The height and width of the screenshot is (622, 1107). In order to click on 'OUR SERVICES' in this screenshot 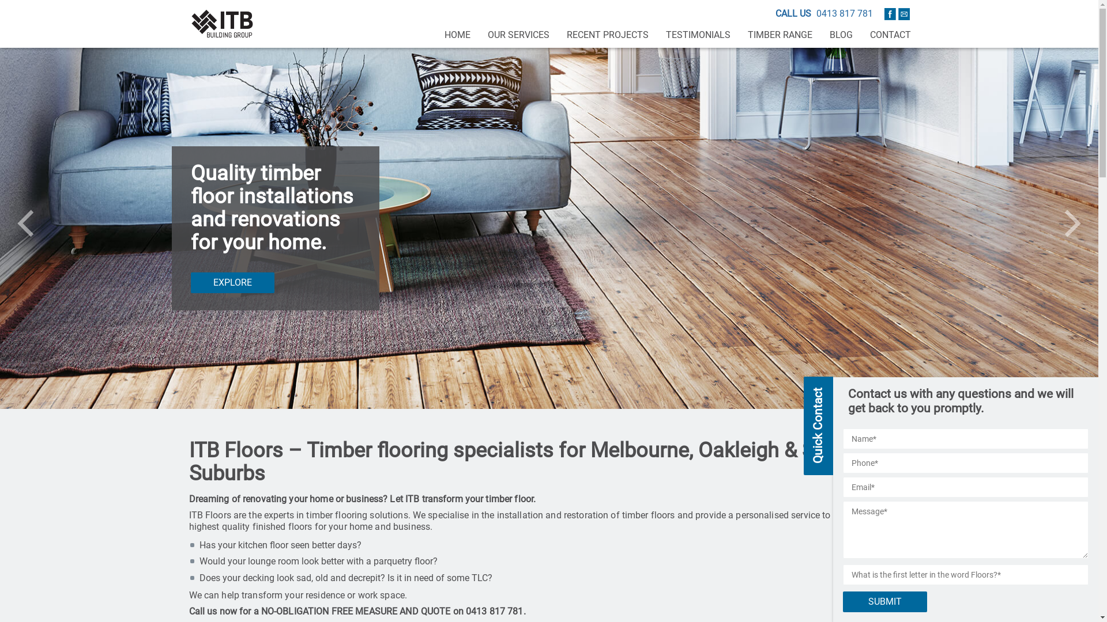, I will do `click(517, 35)`.